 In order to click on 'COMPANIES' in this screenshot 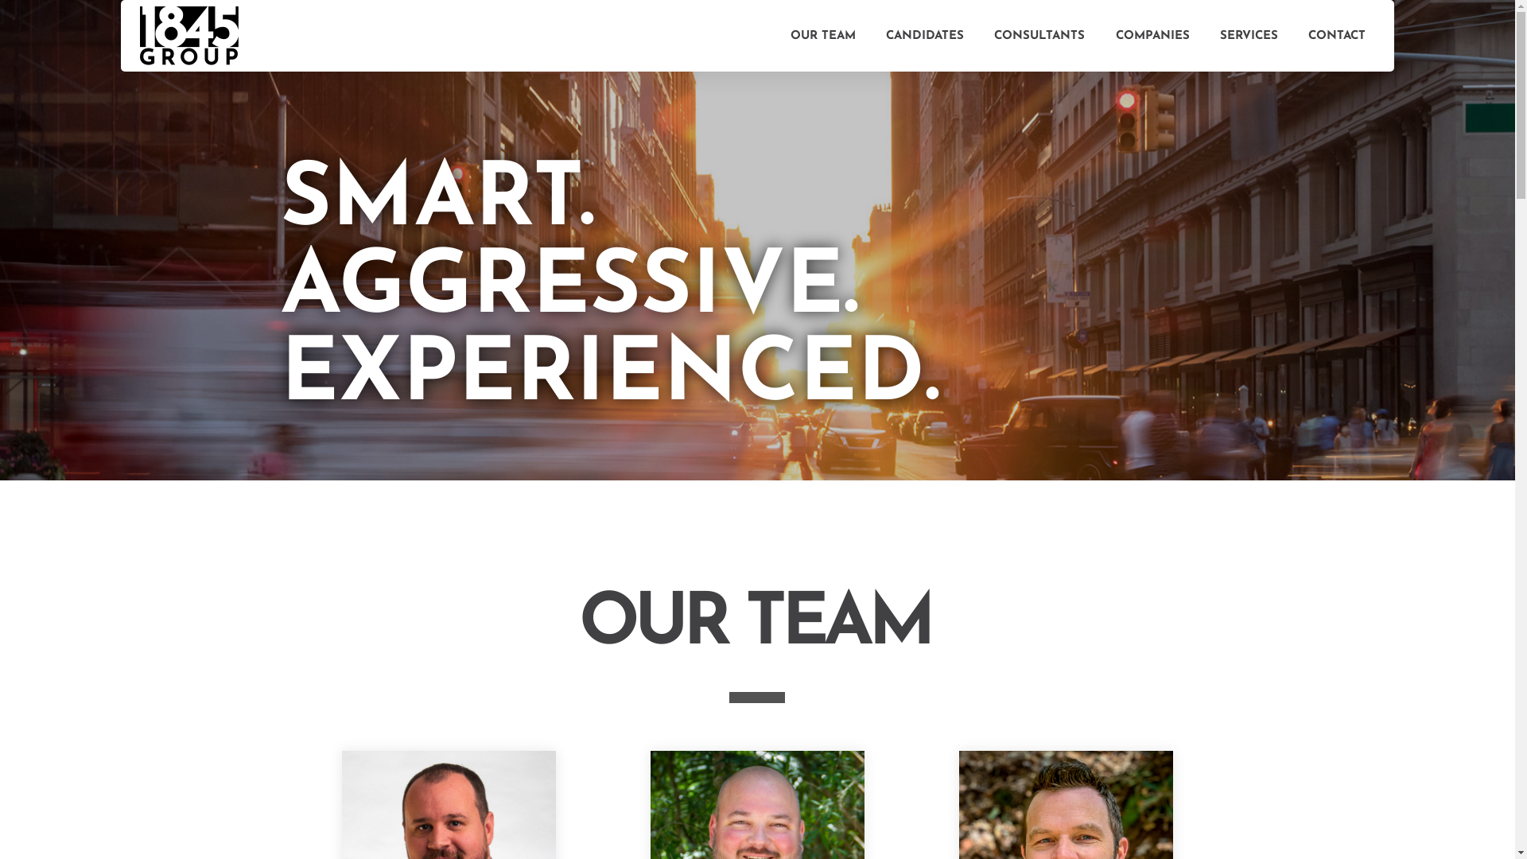, I will do `click(1152, 36)`.